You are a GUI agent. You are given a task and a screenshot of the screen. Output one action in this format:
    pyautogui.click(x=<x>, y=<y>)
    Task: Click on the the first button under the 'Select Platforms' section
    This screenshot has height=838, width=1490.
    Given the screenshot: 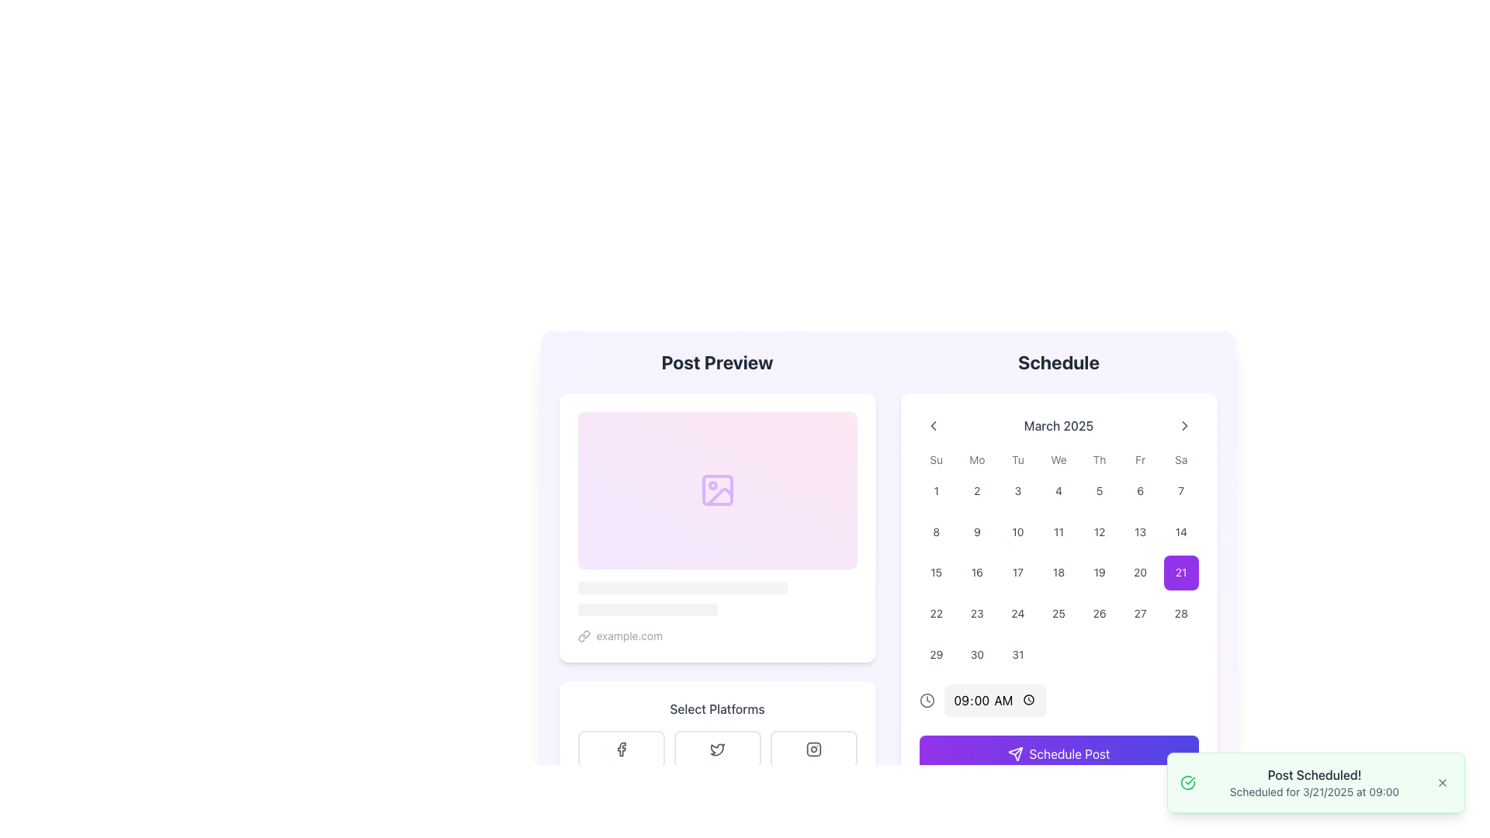 What is the action you would take?
    pyautogui.click(x=621, y=748)
    